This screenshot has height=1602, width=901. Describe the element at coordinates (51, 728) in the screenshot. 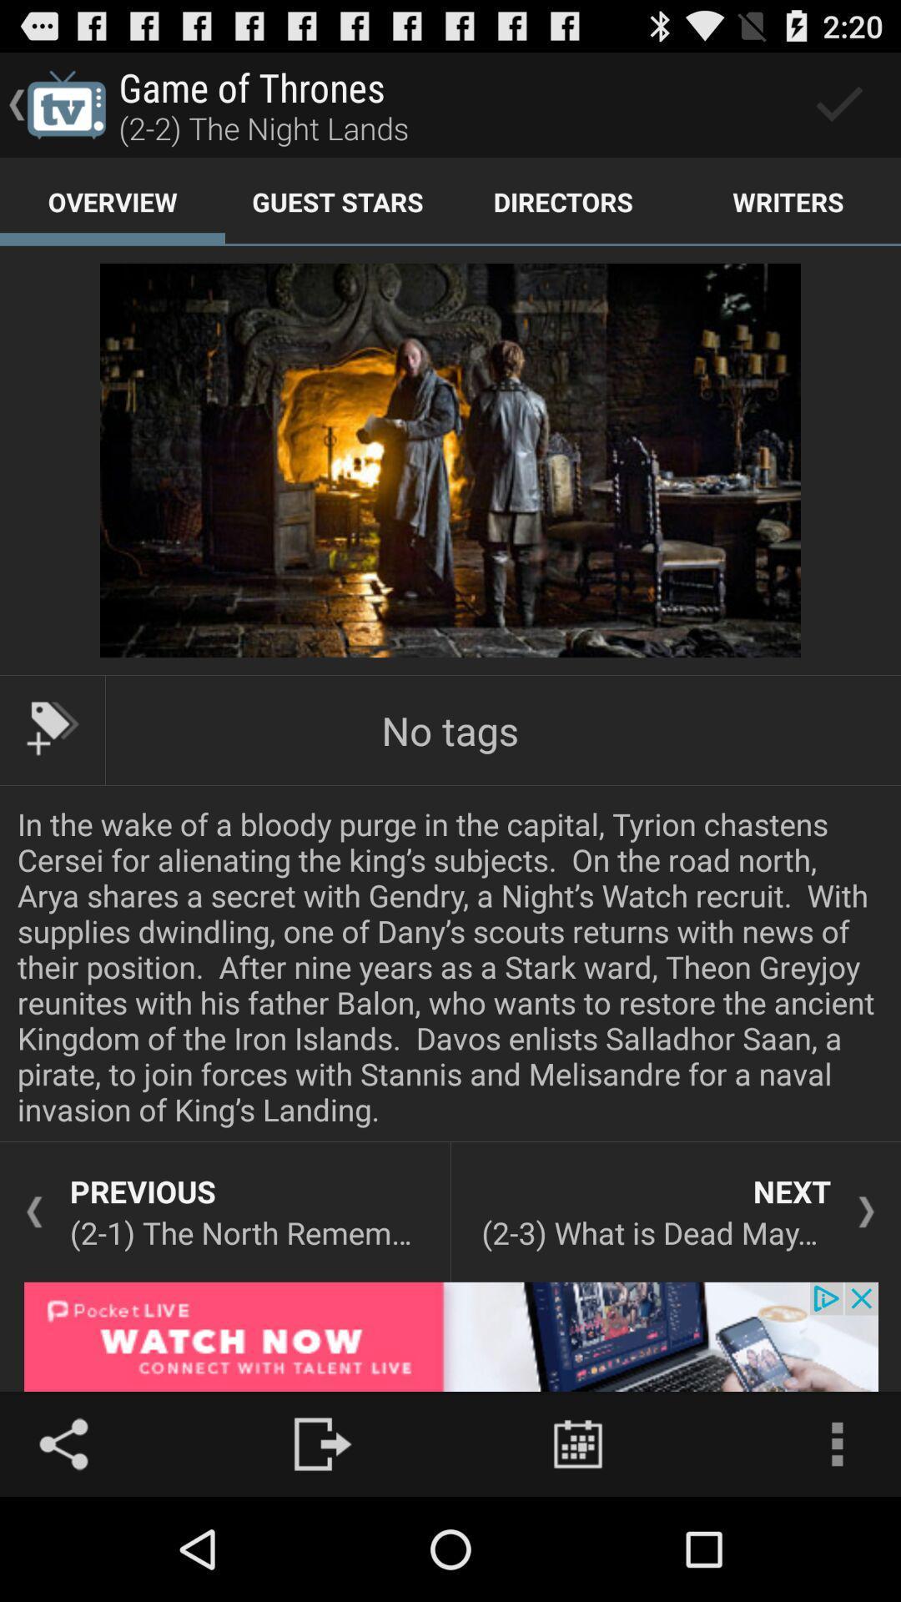

I see `tag` at that location.